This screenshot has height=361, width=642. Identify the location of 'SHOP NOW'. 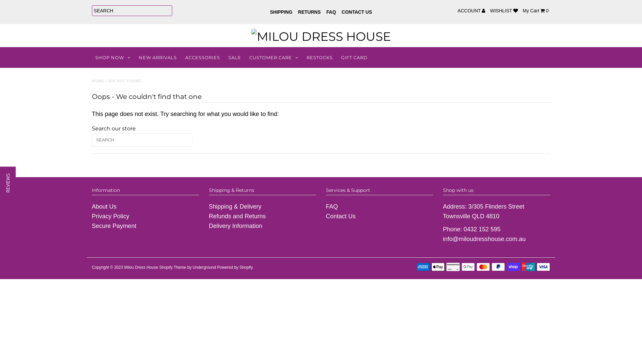
(91, 57).